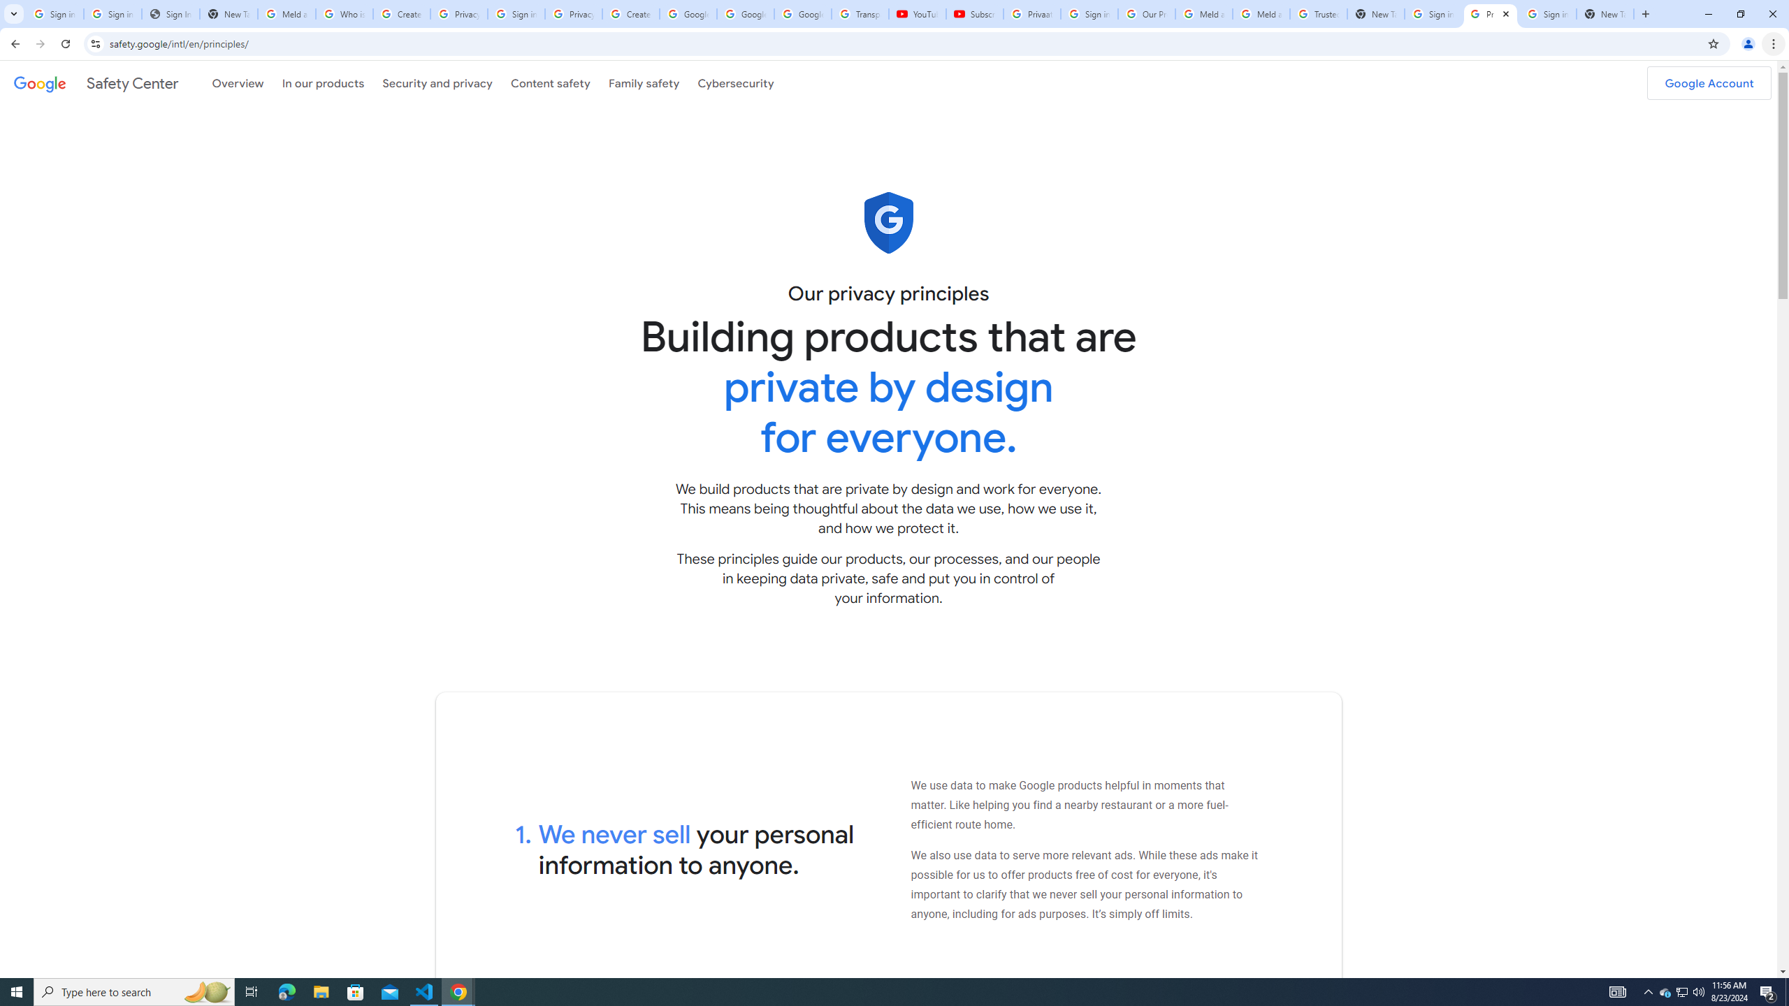 The height and width of the screenshot is (1006, 1789). Describe the element at coordinates (1319, 13) in the screenshot. I see `'Trusted Information and Content - Google Safety Center'` at that location.